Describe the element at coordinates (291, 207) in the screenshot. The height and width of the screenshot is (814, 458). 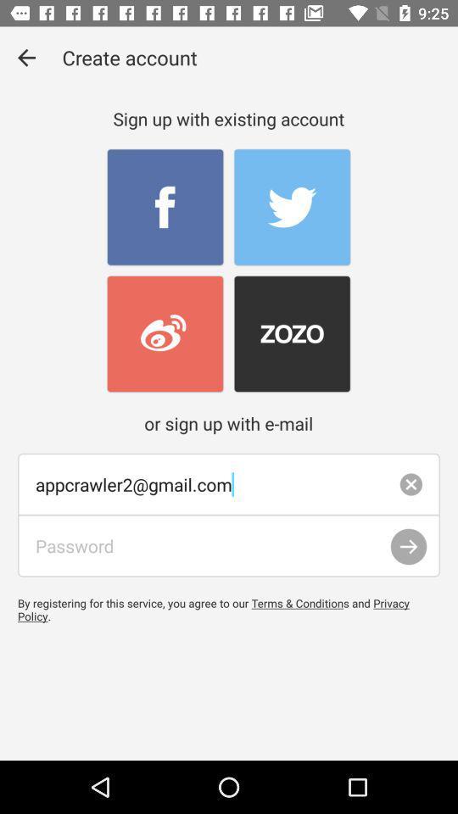
I see `twiter page` at that location.